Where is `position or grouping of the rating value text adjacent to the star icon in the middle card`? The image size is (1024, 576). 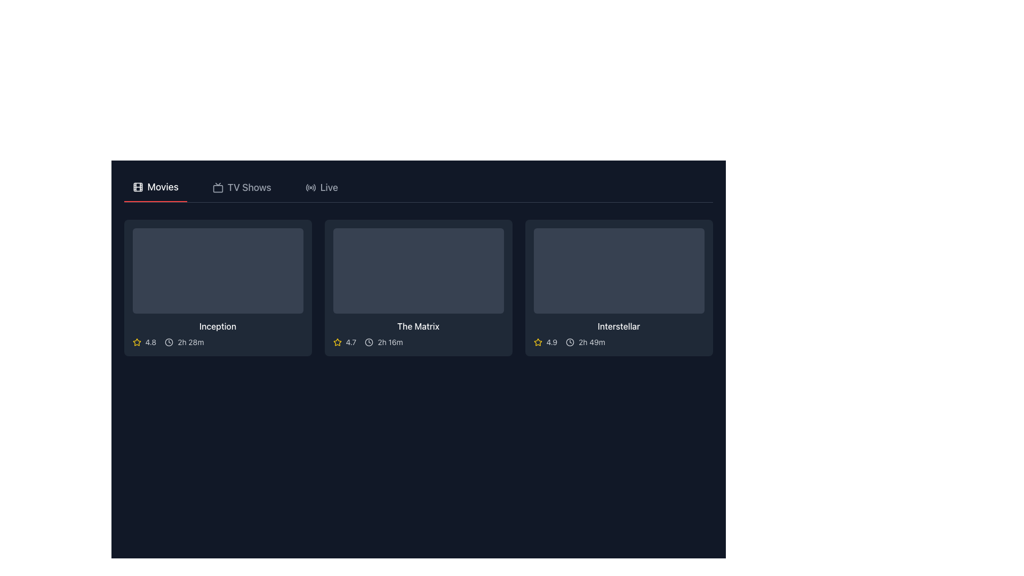 position or grouping of the rating value text adjacent to the star icon in the middle card is located at coordinates (351, 342).